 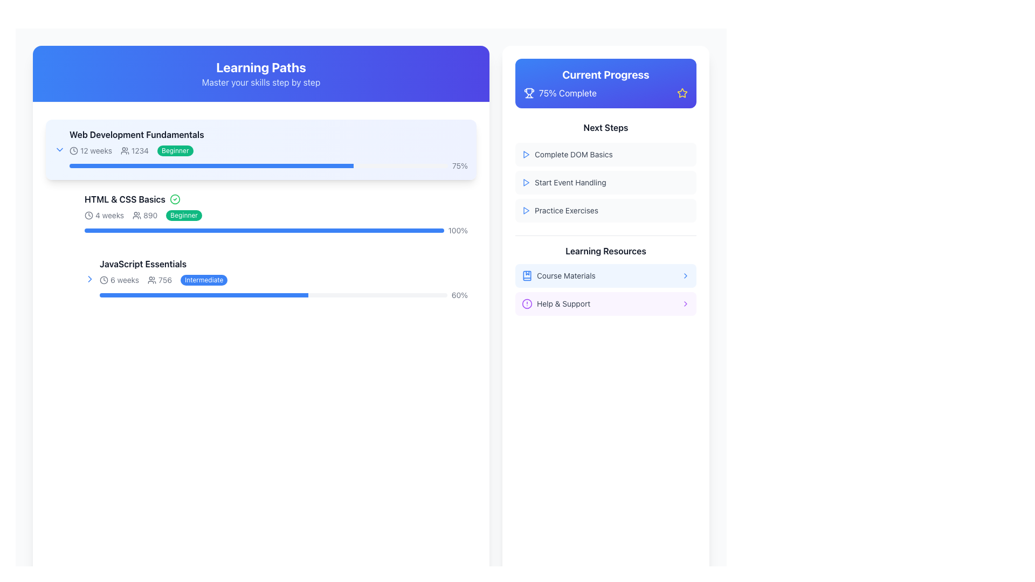 I want to click on the static text label displaying 'HTML & CSS Basics' which is styled in bold and located in the 'Web Development Fundamentals' section, so click(x=125, y=199).